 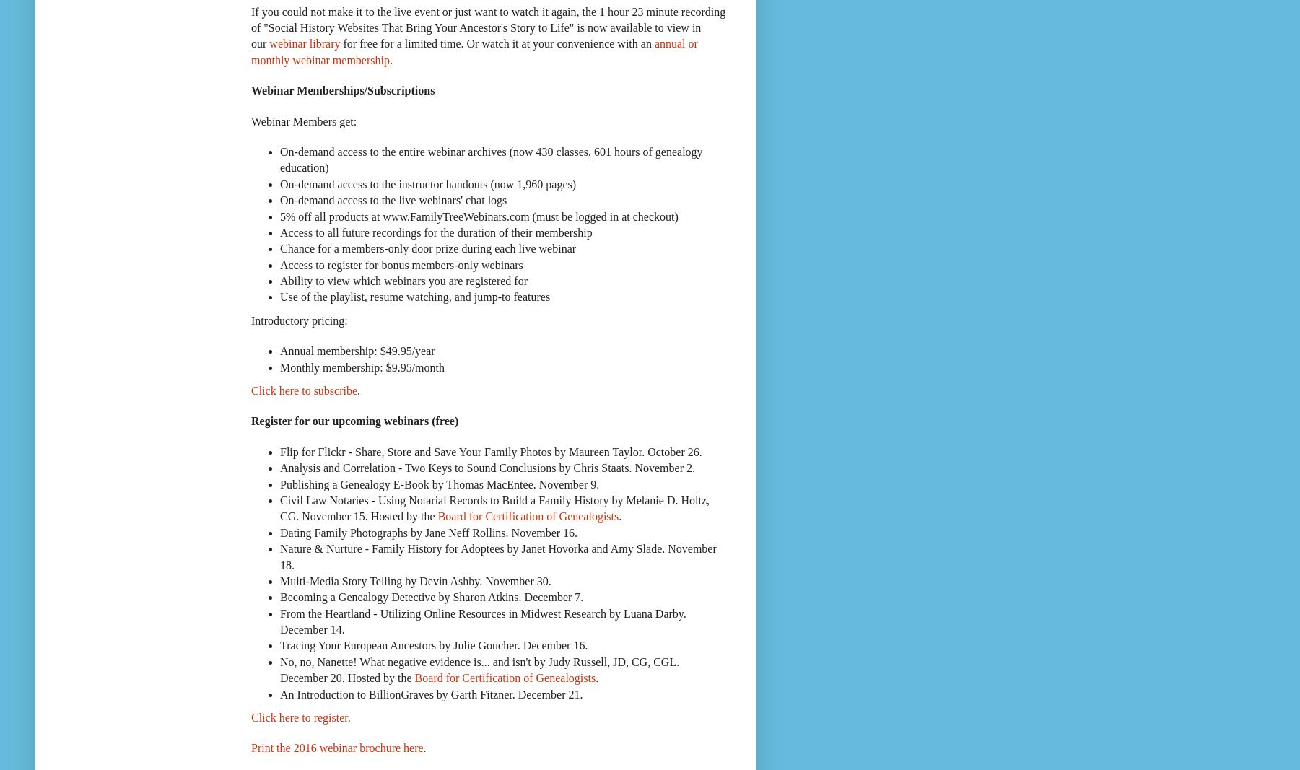 I want to click on 'Register for our upcoming webinars (free)', so click(x=250, y=421).